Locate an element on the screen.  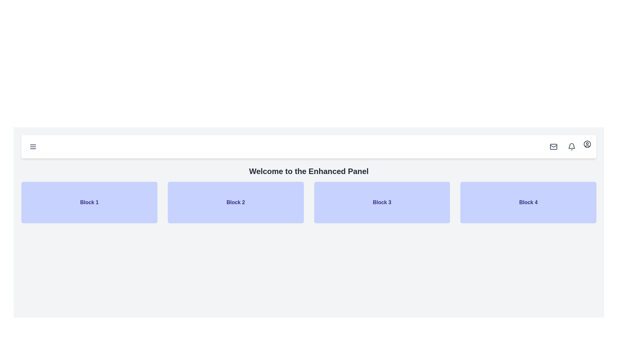
the blue rectangular information display box labeled 'Block 3', which is the third box in a row of four, located under the heading 'Welcome to the Enhanced Panel' is located at coordinates (382, 202).